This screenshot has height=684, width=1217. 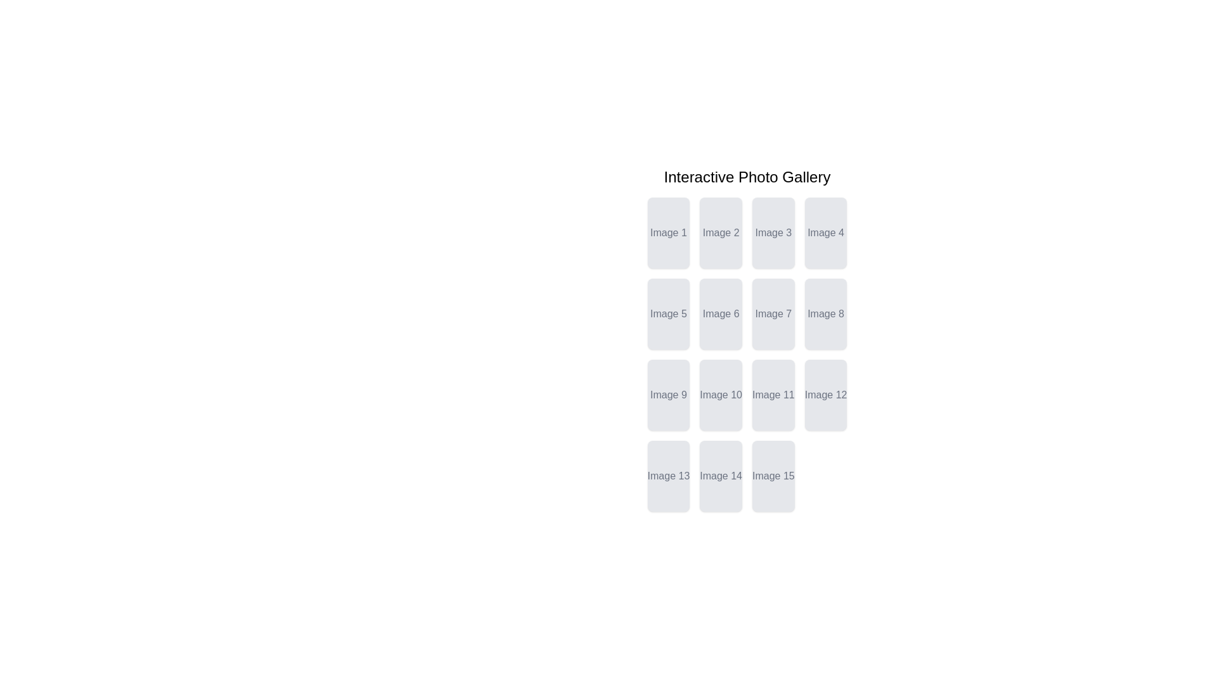 What do you see at coordinates (773, 485) in the screenshot?
I see `the semi-transparent text display bar at the bottom of 'Image 15' card in the photo gallery grid, which shows '0 Comment'` at bounding box center [773, 485].